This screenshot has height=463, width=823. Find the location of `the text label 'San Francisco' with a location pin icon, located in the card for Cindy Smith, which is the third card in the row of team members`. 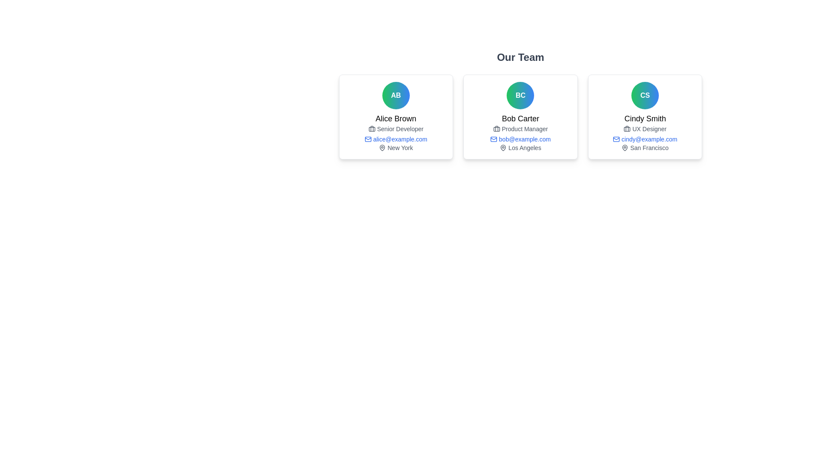

the text label 'San Francisco' with a location pin icon, located in the card for Cindy Smith, which is the third card in the row of team members is located at coordinates (645, 147).